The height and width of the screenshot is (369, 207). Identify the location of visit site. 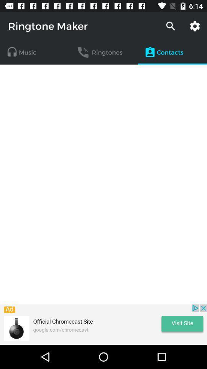
(103, 324).